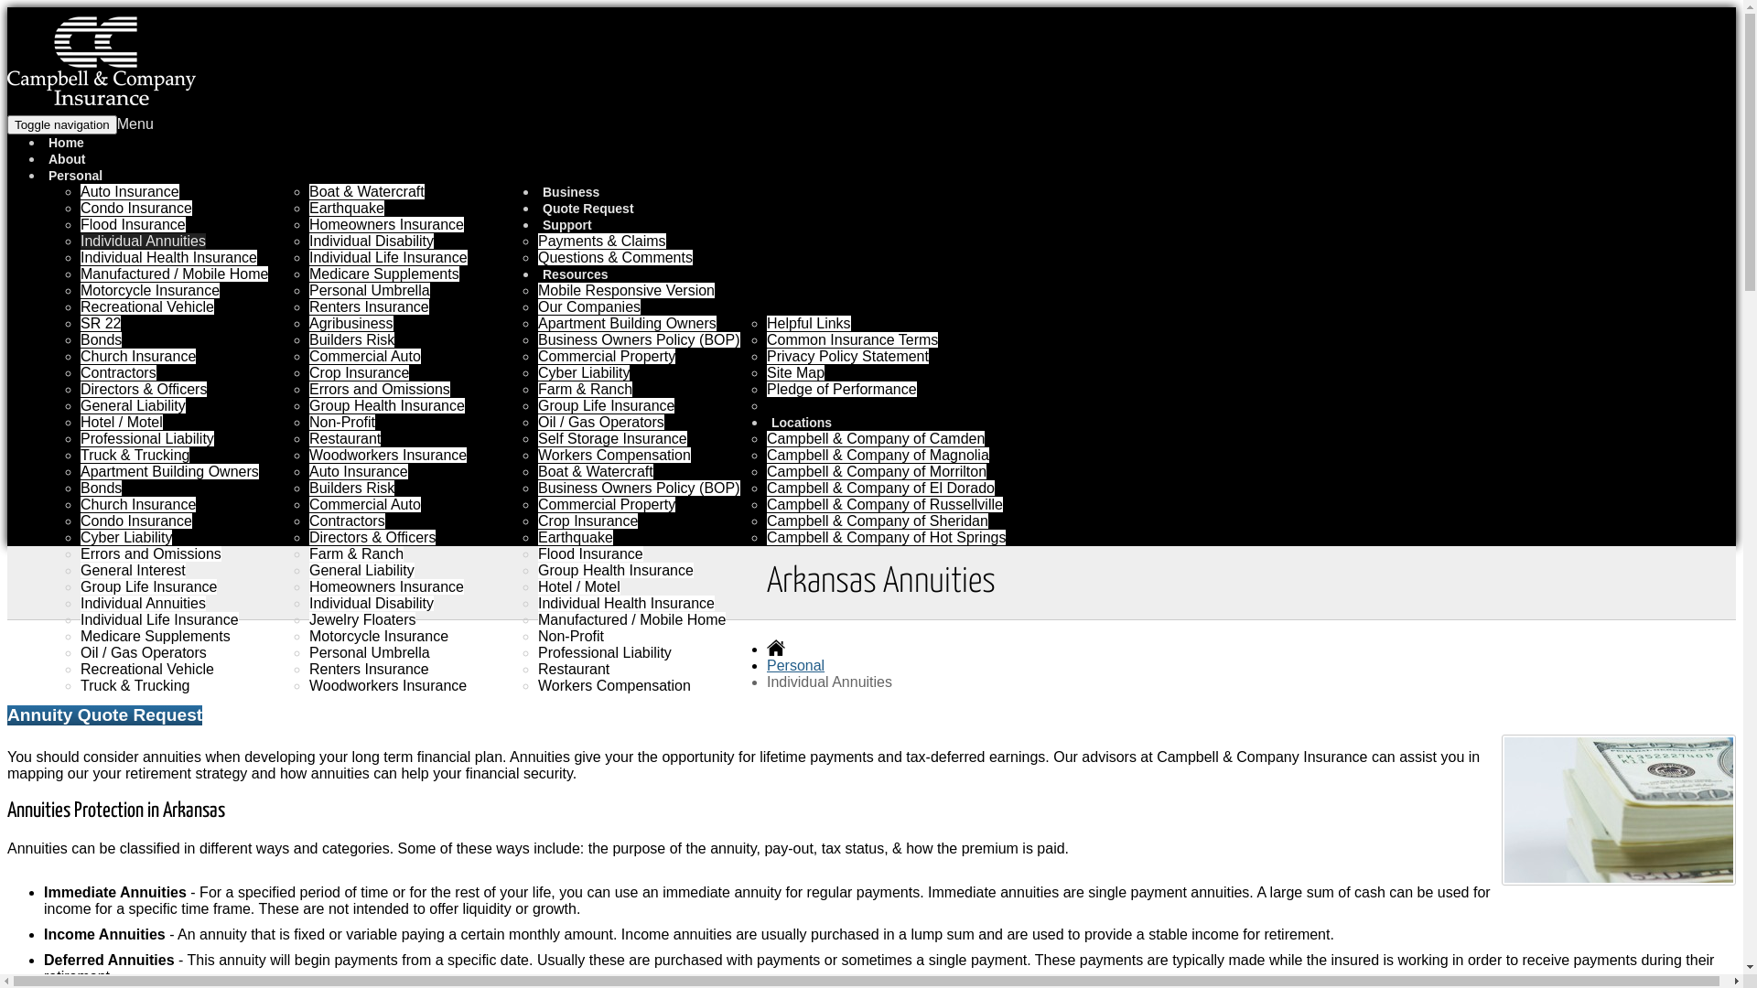  What do you see at coordinates (361, 618) in the screenshot?
I see `'Jewelry Floaters'` at bounding box center [361, 618].